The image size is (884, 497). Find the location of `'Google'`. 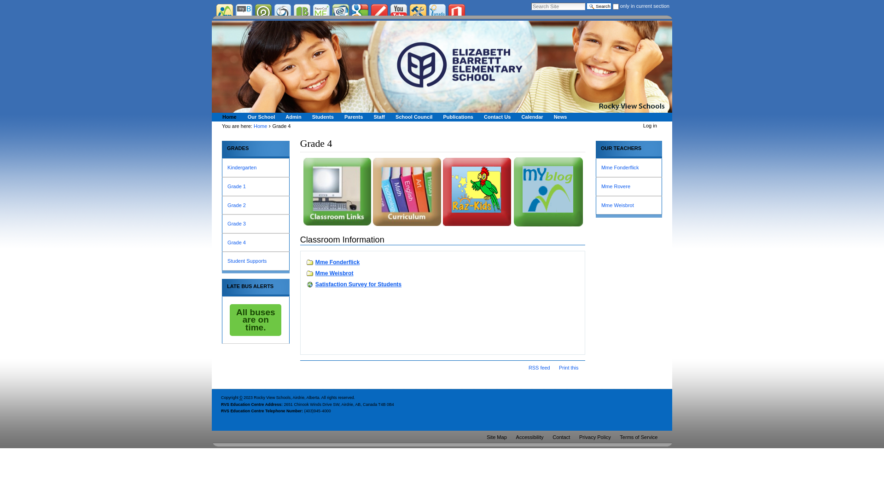

'Google' is located at coordinates (351, 12).